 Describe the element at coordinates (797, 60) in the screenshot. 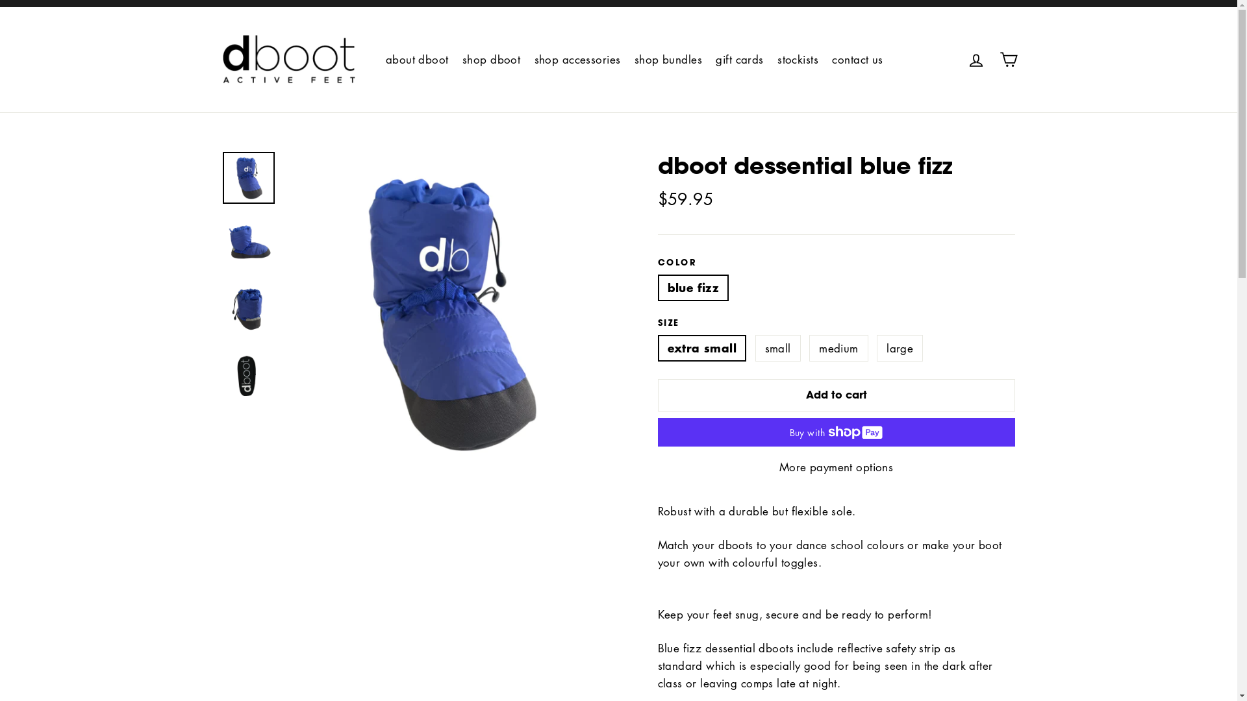

I see `'stockists'` at that location.